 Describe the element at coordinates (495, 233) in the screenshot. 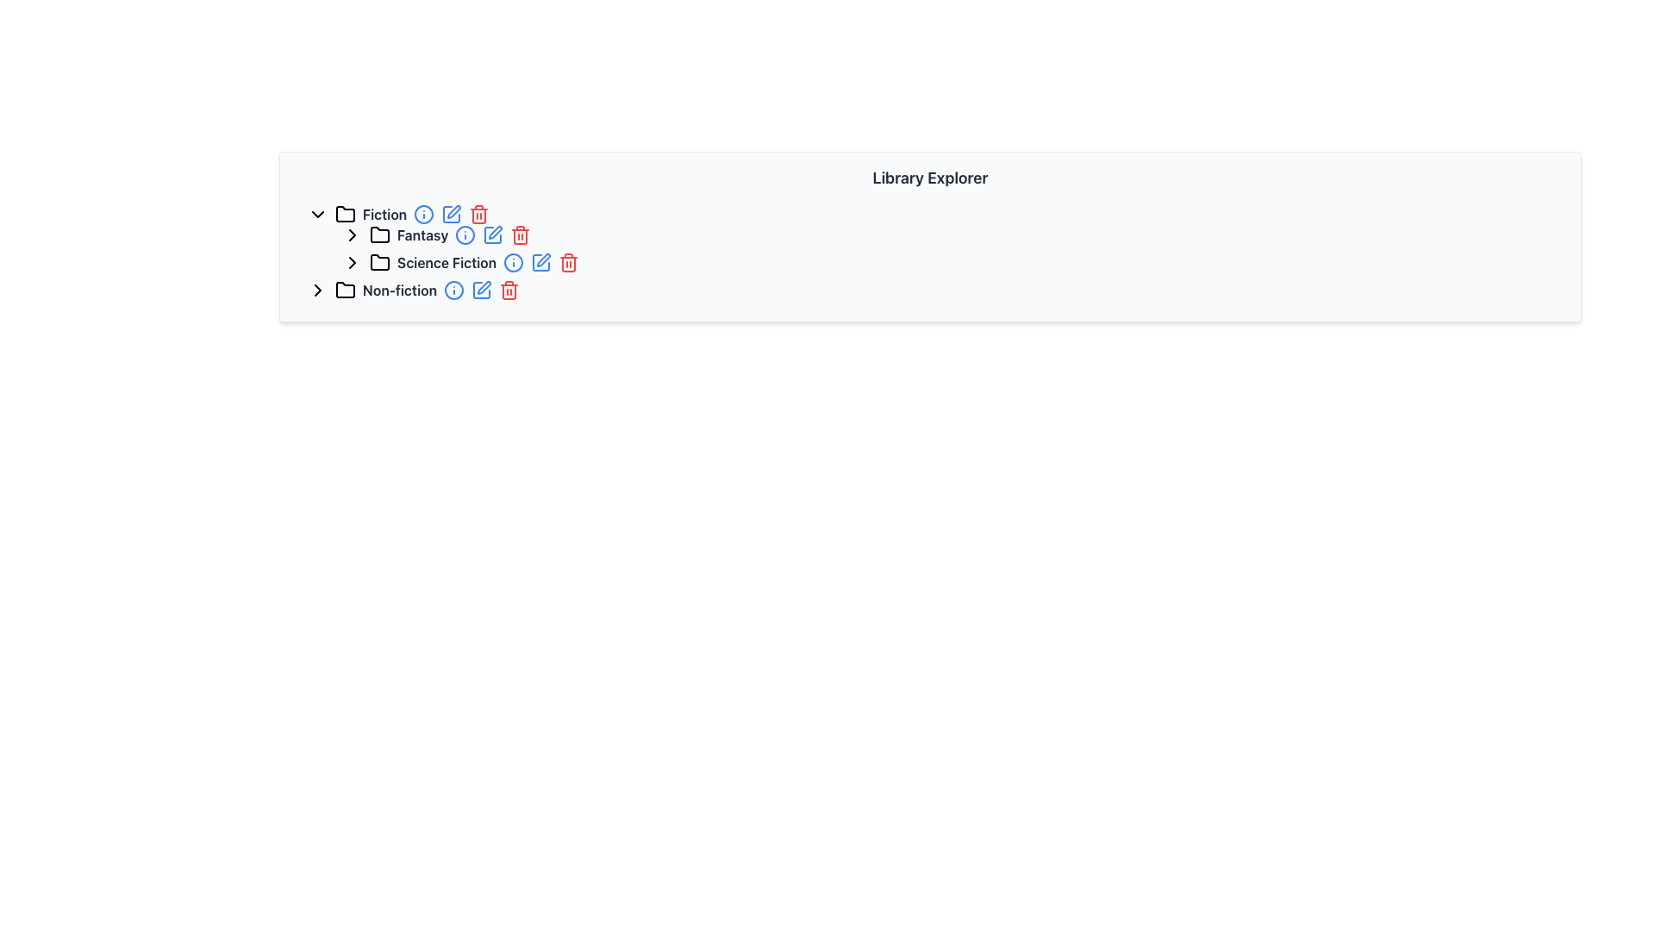

I see `the pencil-shaped icon with a blue outline` at that location.